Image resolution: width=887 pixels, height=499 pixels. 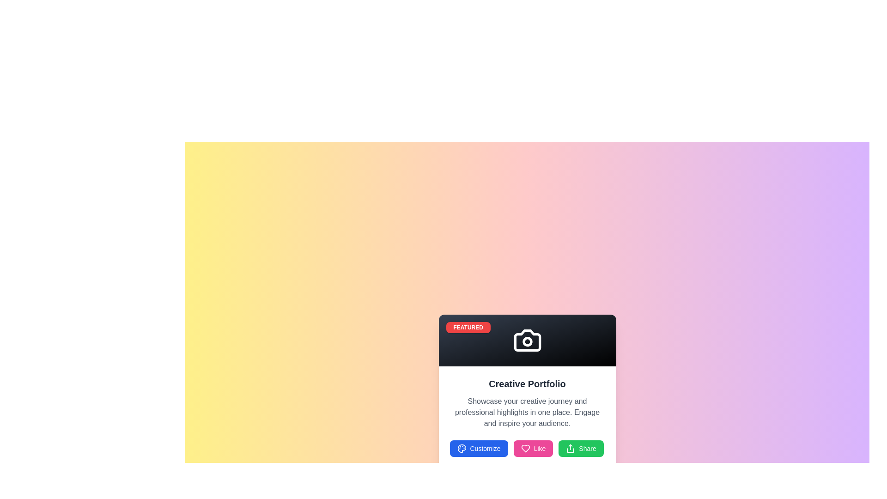 I want to click on the blue 'Customize' button with white text and a palette icon, located at the bottom left of the card, so click(x=479, y=448).